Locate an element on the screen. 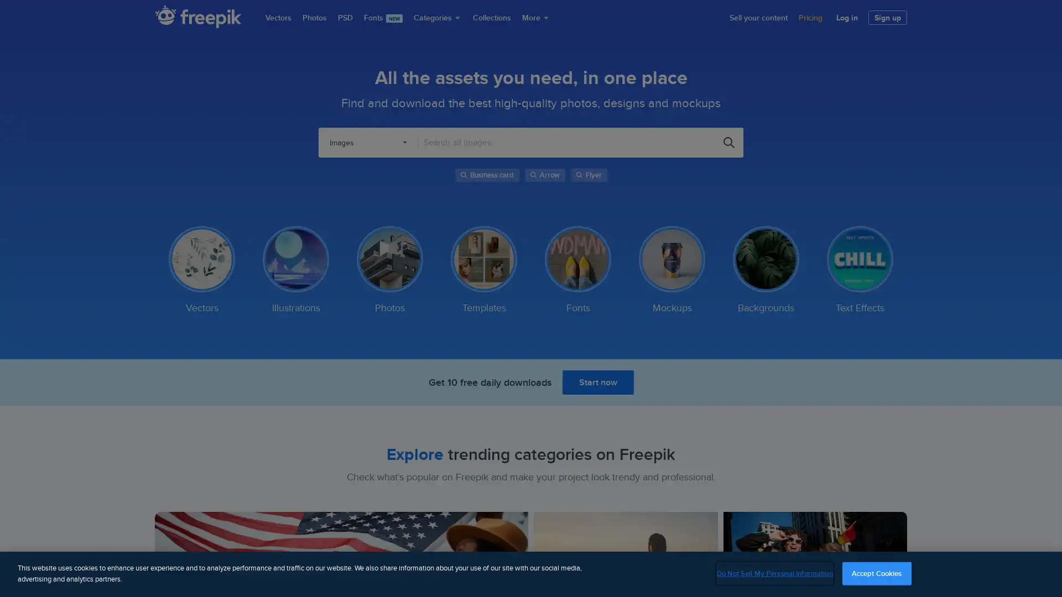 The width and height of the screenshot is (1062, 597). Do Not Sell My Personal Information is located at coordinates (774, 573).